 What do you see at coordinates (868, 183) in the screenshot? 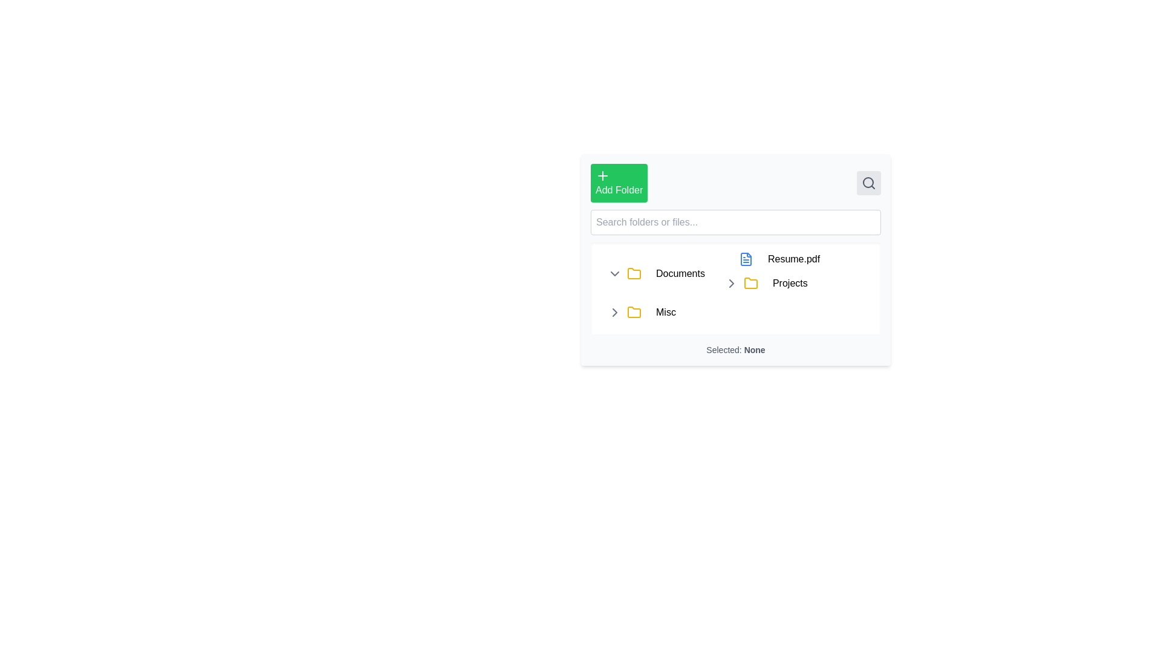
I see `the Icon Button located at the top right corner of the widget to initiate a search in the associated file directory or system` at bounding box center [868, 183].